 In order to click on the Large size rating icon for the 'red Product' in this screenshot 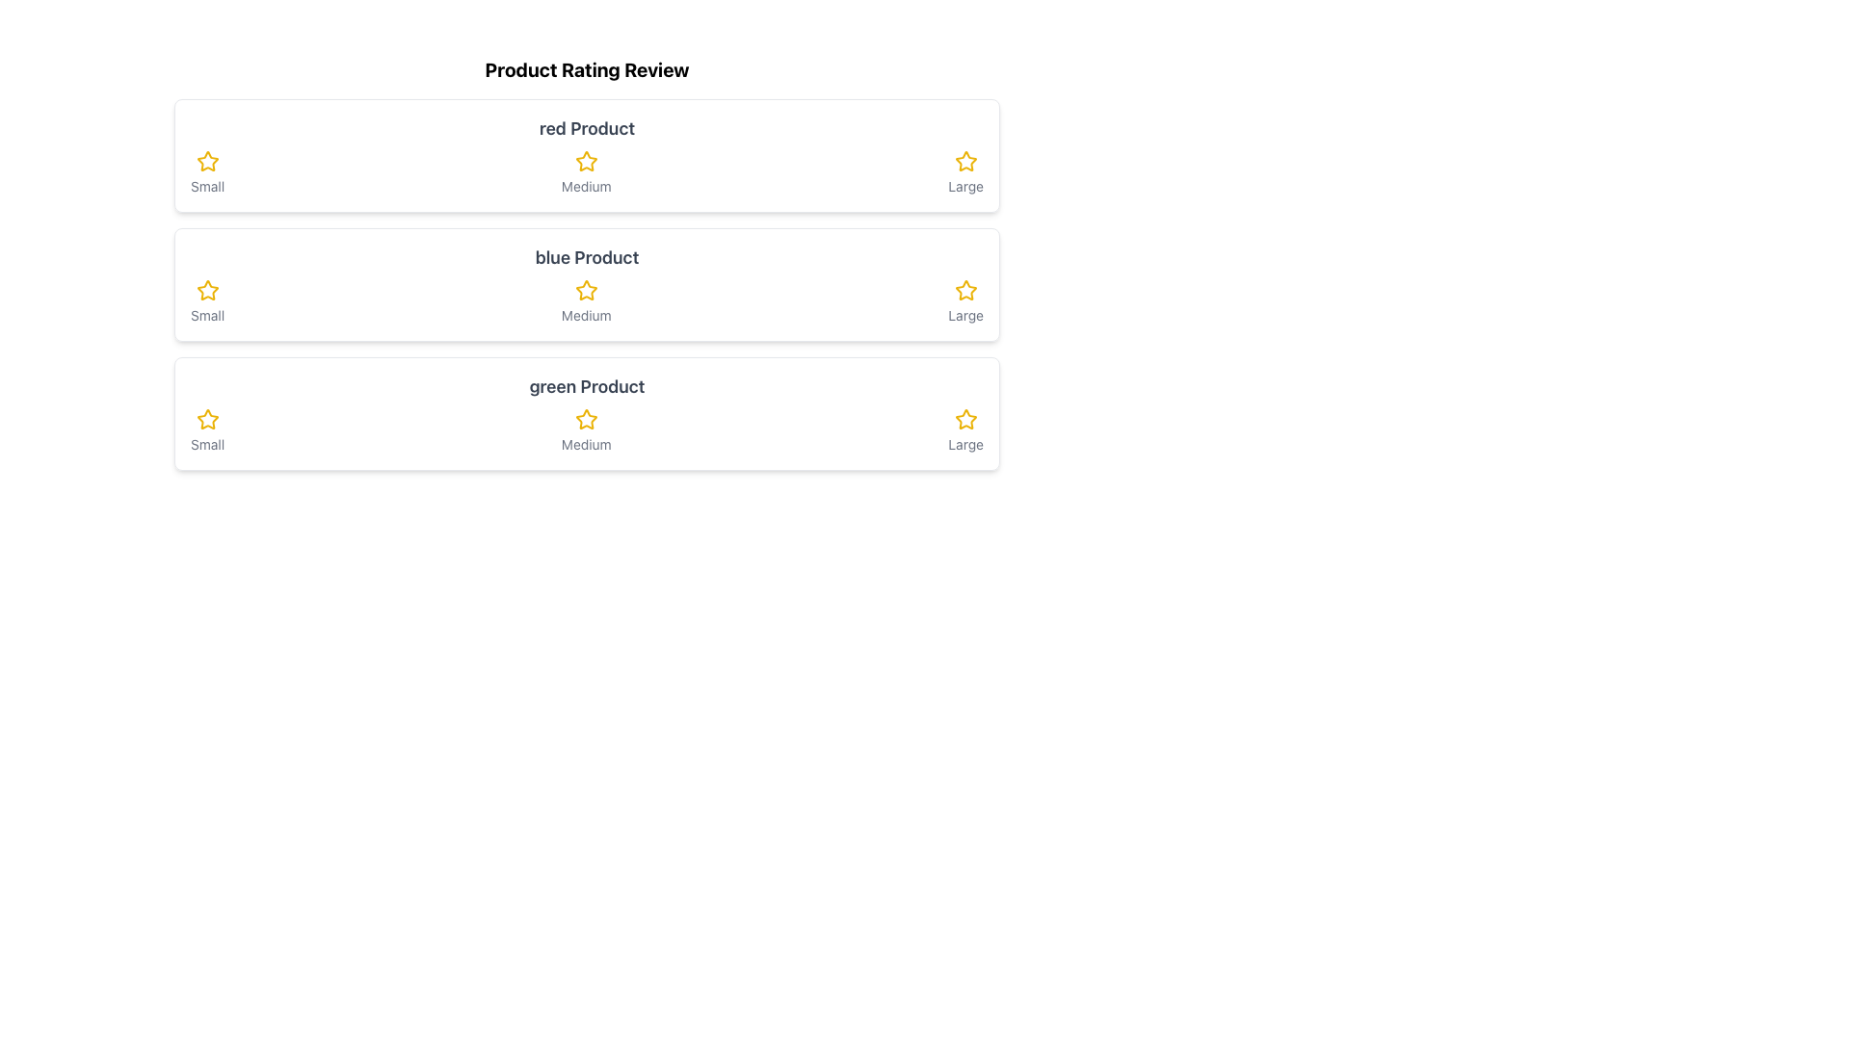, I will do `click(965, 160)`.